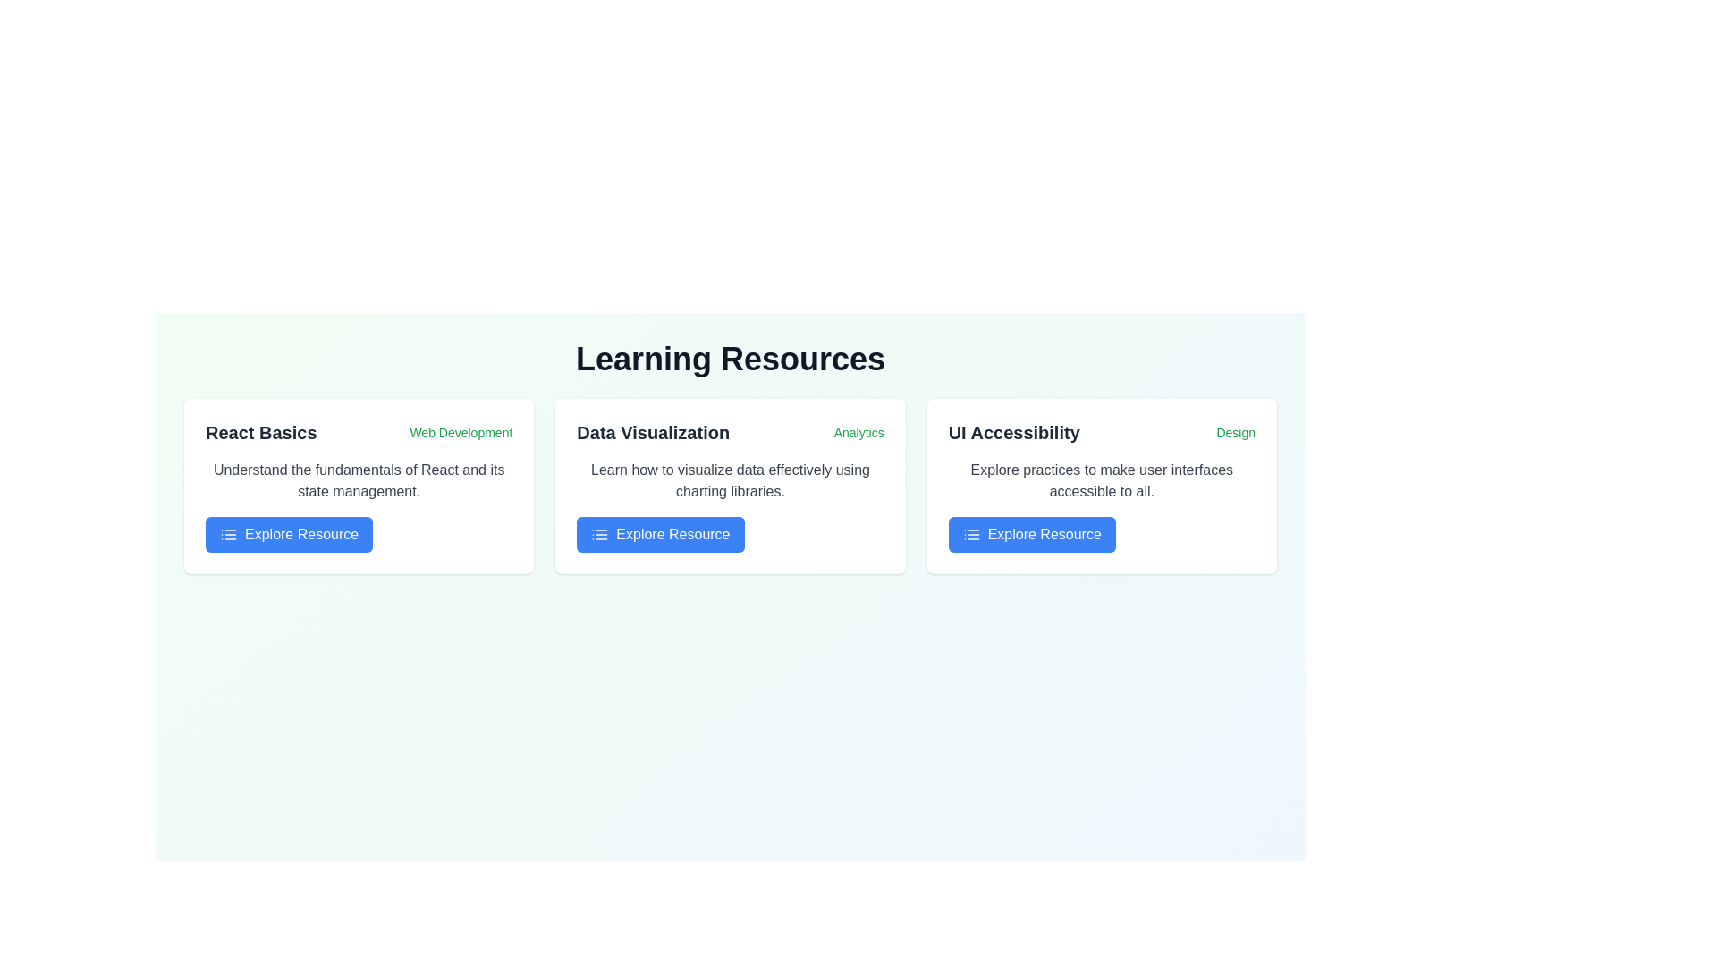  What do you see at coordinates (1235, 432) in the screenshot?
I see `the green text label reading 'Design' located in the 'UI Accessibility' section, aligned to the right of the text 'UI Accessibility'` at bounding box center [1235, 432].